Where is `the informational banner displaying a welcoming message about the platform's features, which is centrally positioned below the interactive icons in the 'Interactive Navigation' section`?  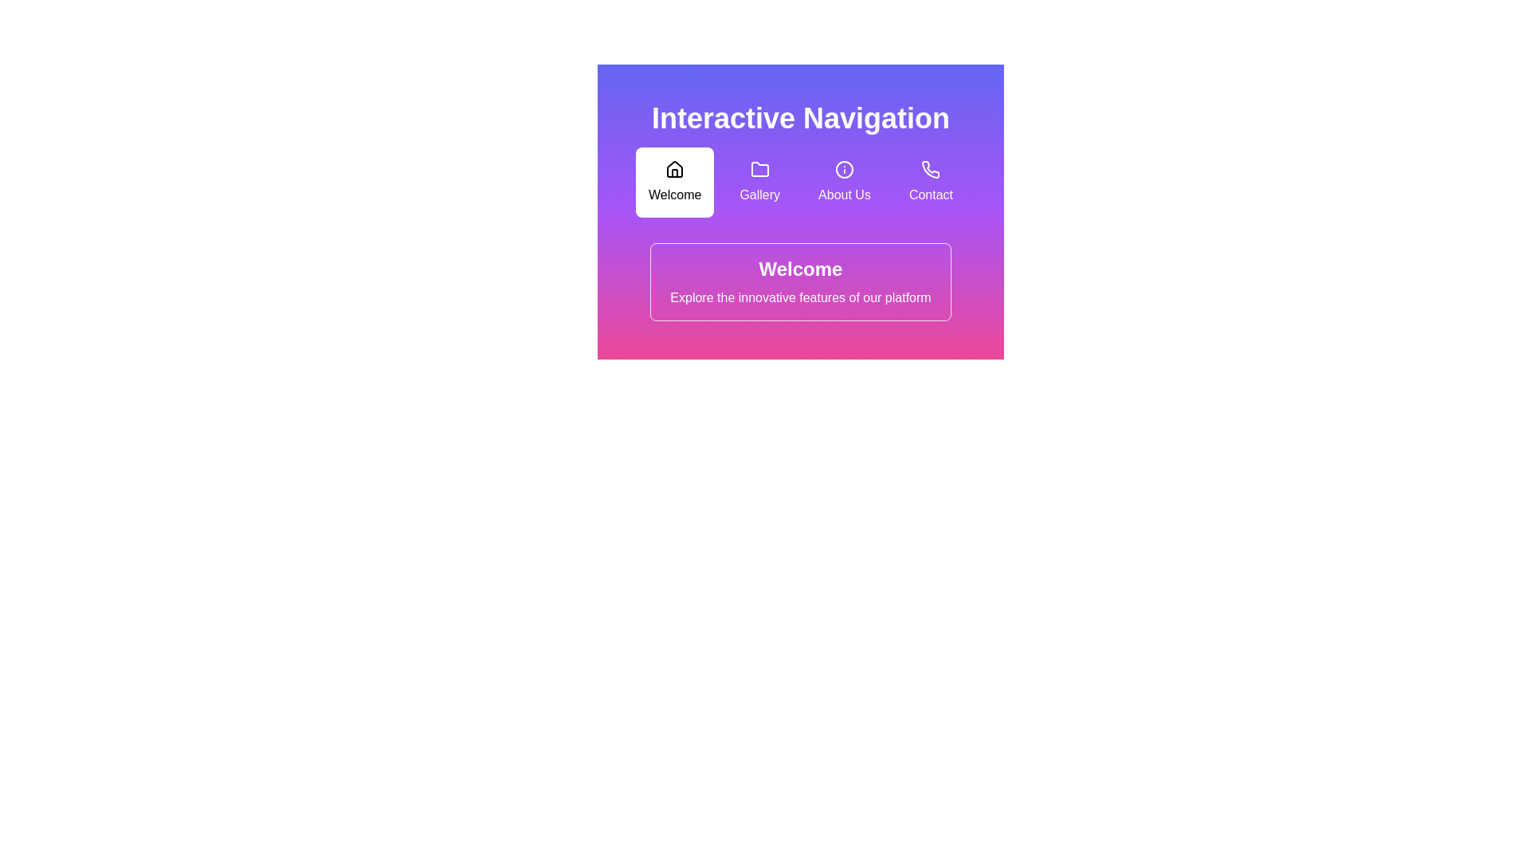 the informational banner displaying a welcoming message about the platform's features, which is centrally positioned below the interactive icons in the 'Interactive Navigation' section is located at coordinates (800, 281).